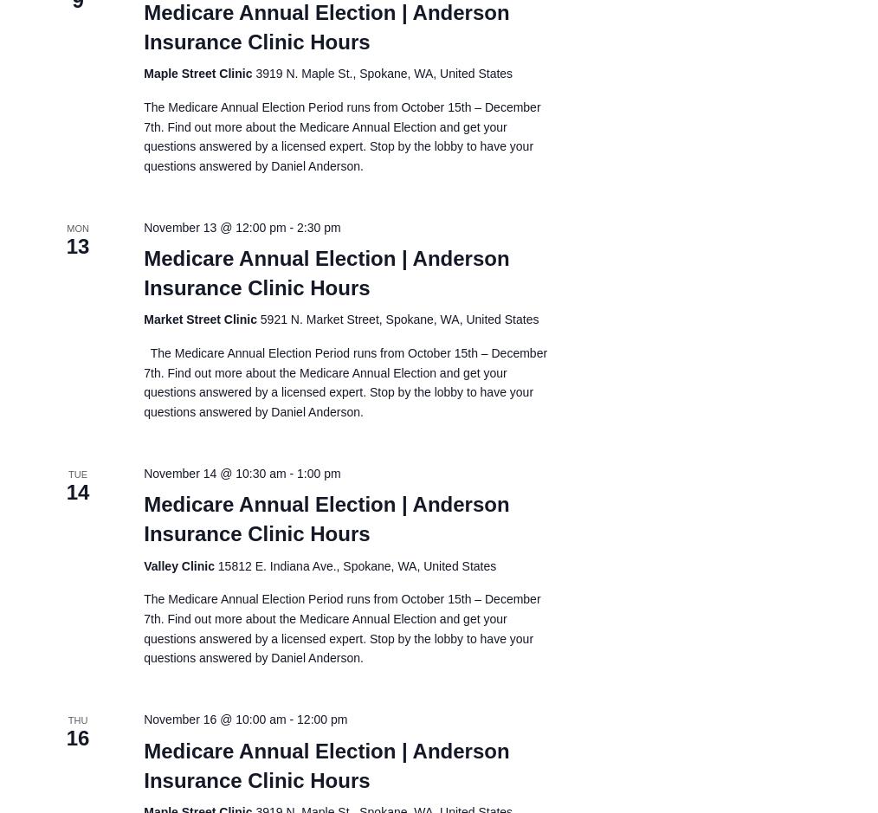  What do you see at coordinates (198, 73) in the screenshot?
I see `'Maple Street Clinic'` at bounding box center [198, 73].